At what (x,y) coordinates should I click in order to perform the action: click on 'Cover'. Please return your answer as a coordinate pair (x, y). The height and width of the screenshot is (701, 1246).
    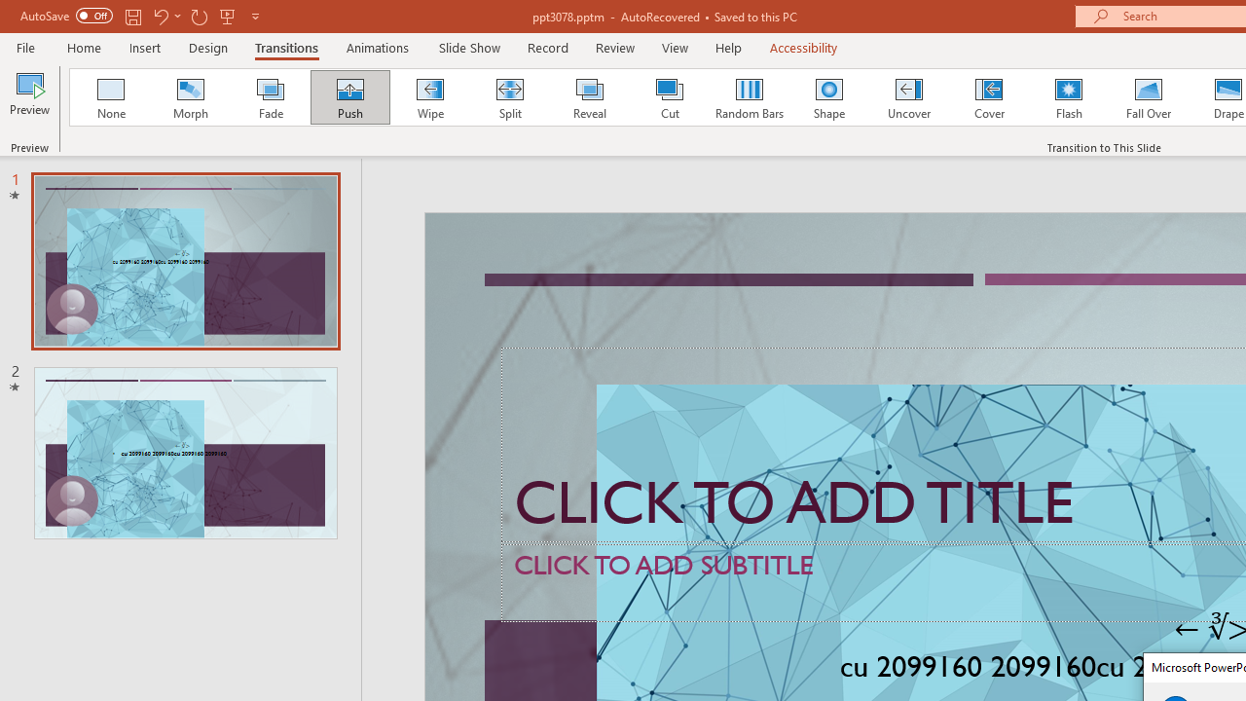
    Looking at the image, I should click on (989, 97).